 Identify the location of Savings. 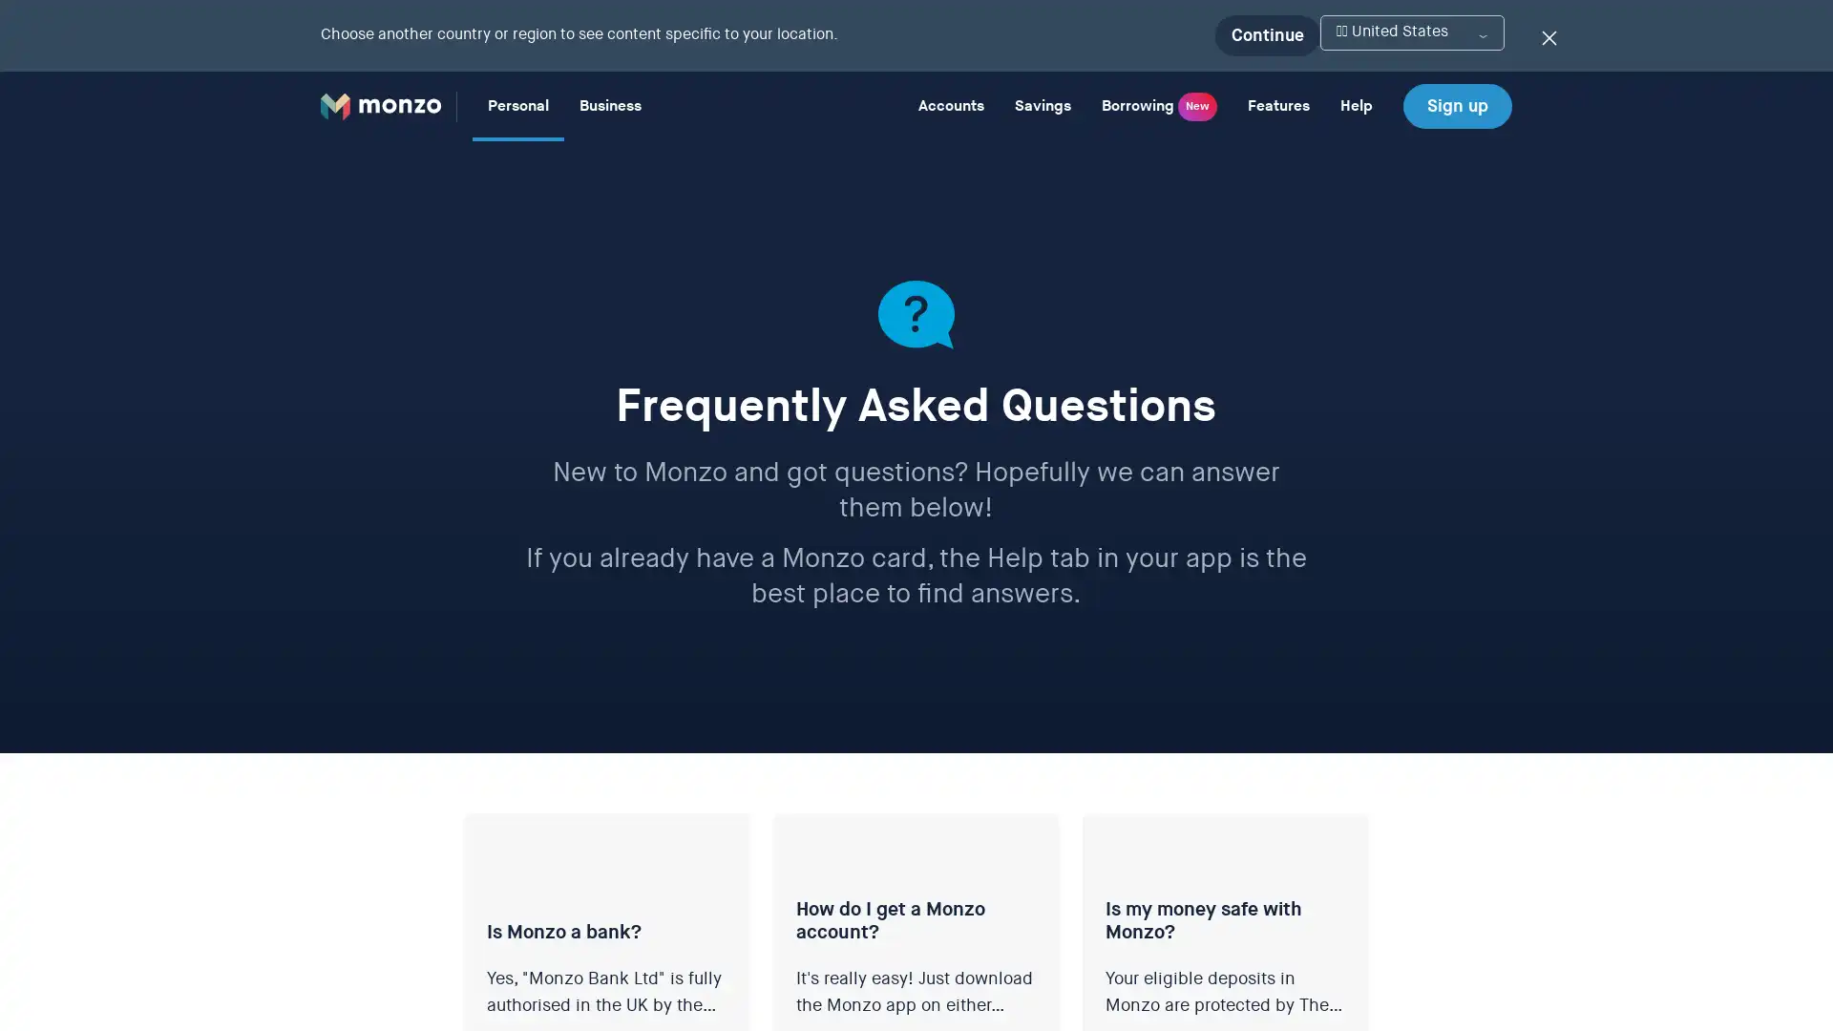
(1042, 106).